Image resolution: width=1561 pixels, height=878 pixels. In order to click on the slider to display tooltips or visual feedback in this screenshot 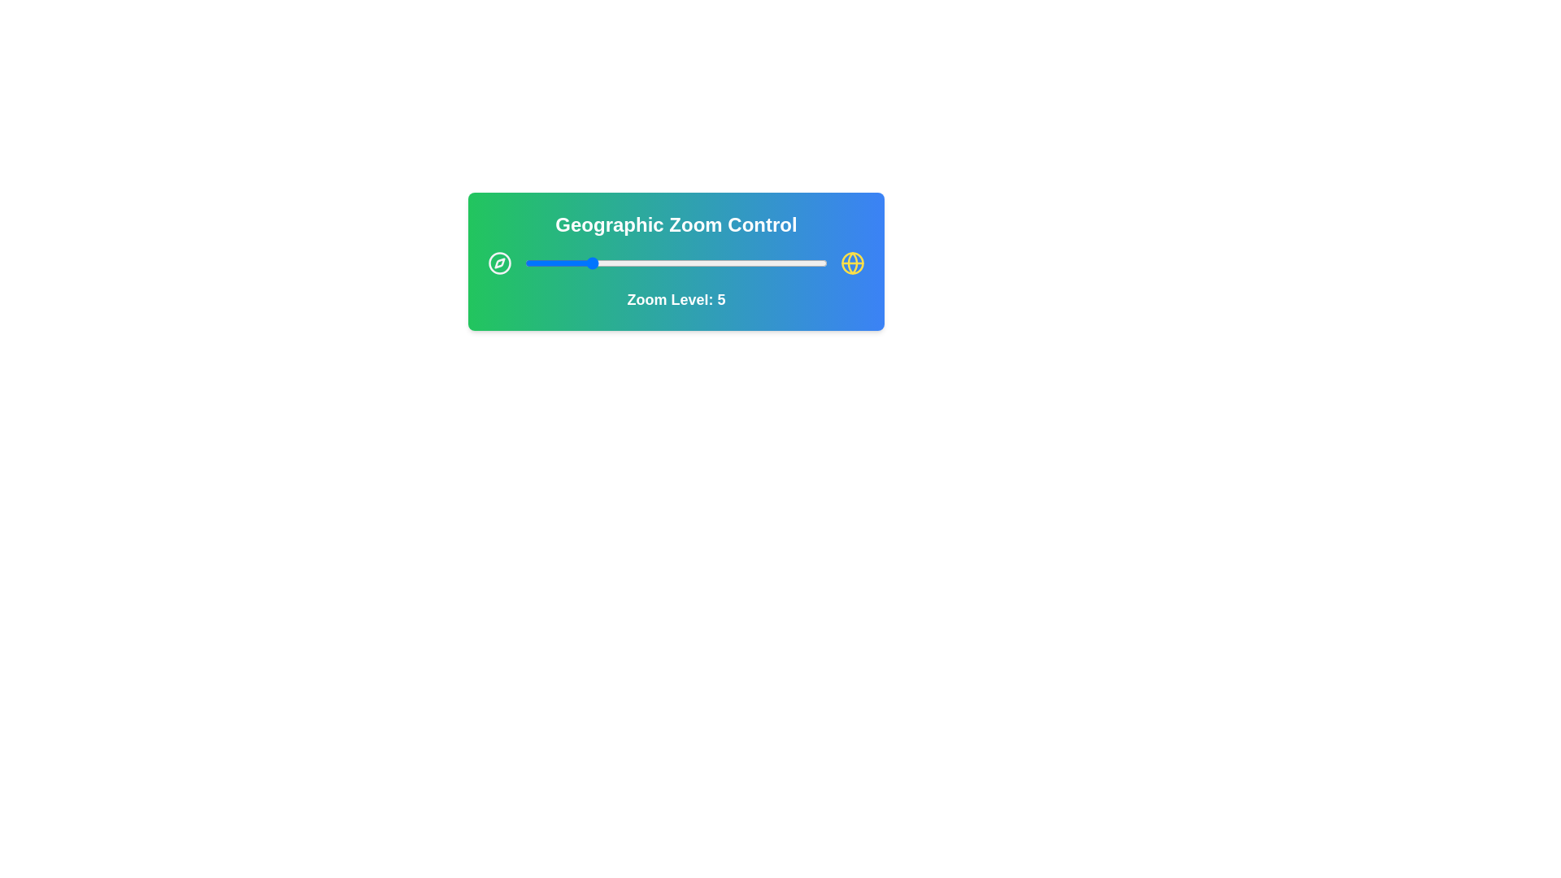, I will do `click(676, 263)`.